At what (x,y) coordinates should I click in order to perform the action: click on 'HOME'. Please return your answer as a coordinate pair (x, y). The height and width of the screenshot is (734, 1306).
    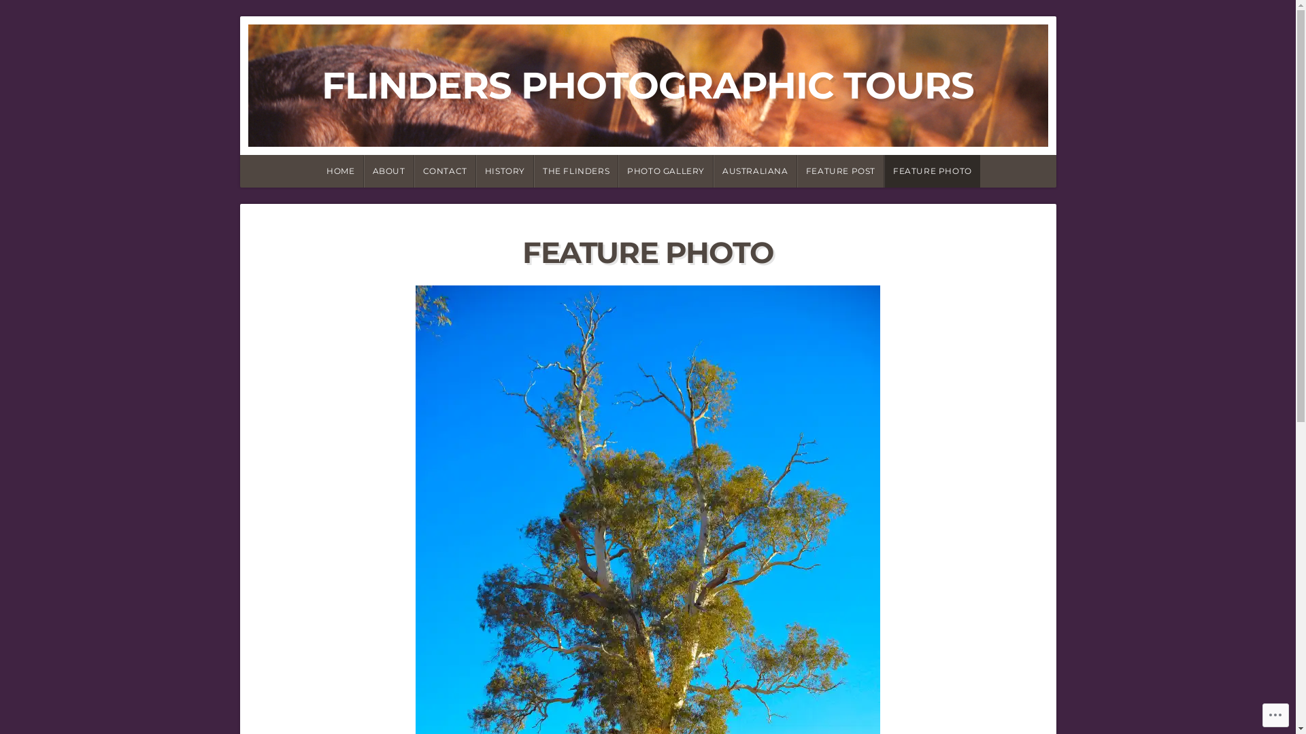
    Looking at the image, I should click on (339, 170).